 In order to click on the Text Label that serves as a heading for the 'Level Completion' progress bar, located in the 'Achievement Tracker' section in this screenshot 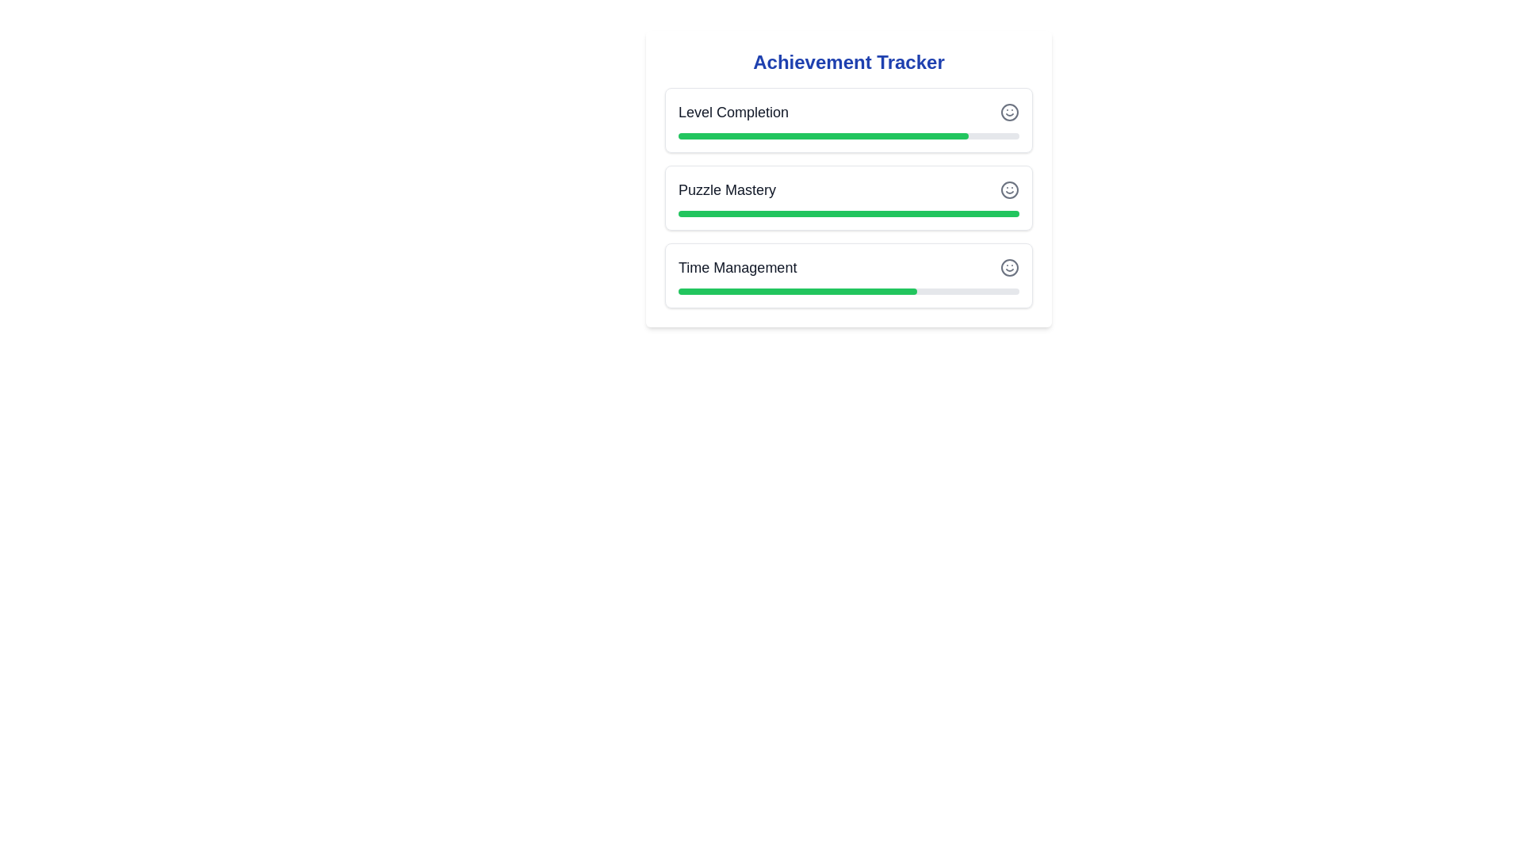, I will do `click(732, 112)`.